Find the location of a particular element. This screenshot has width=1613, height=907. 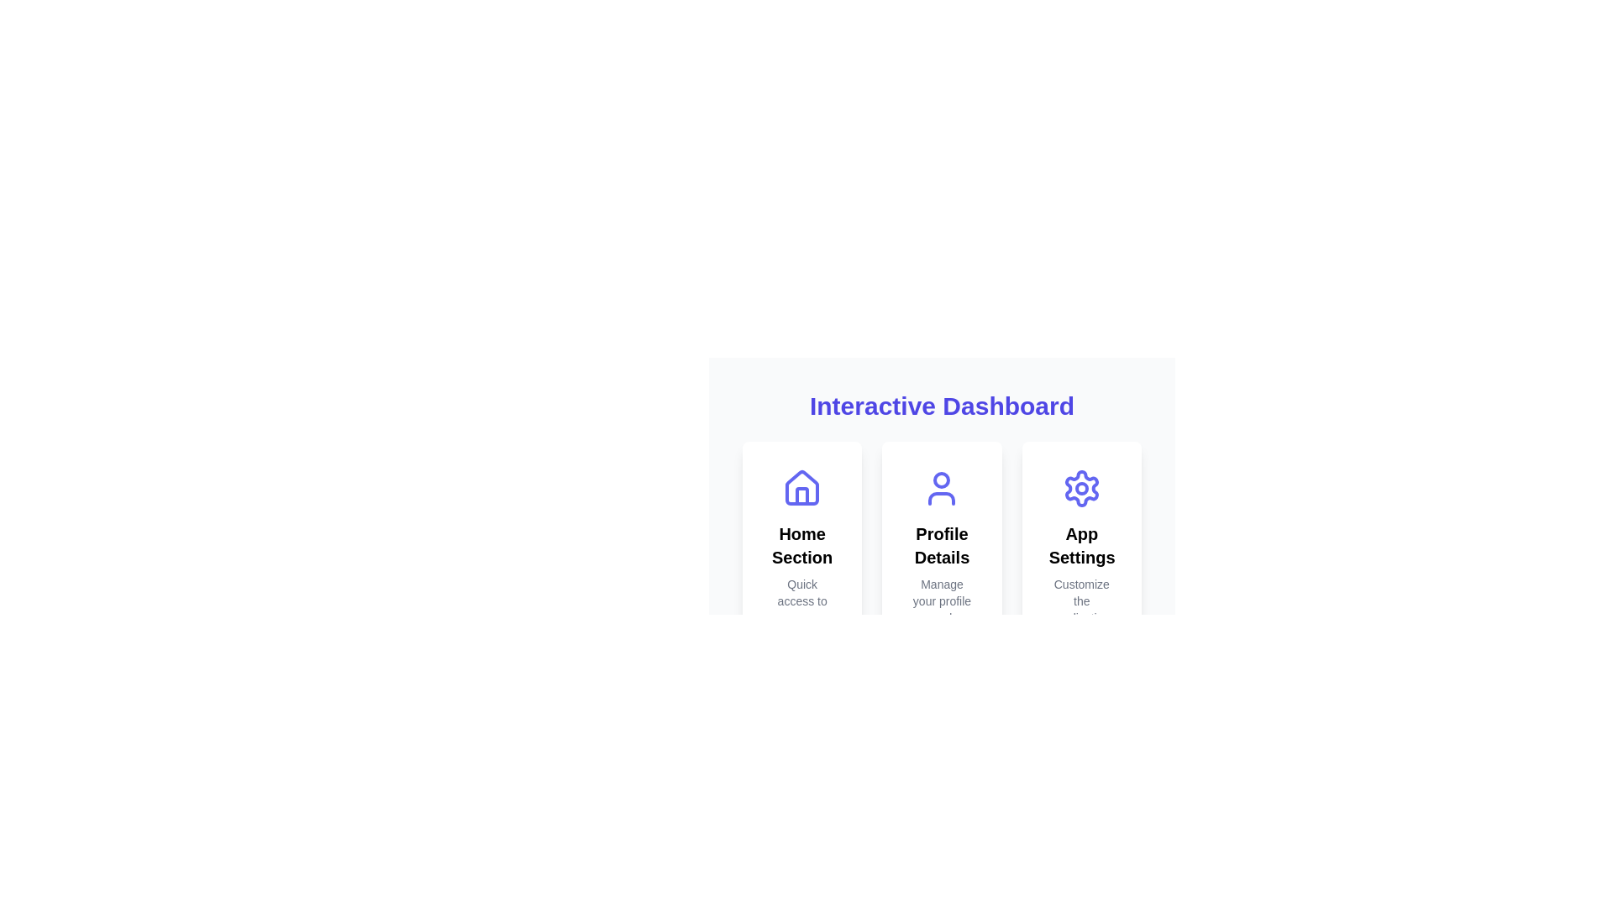

the settings icon located in the bottom-right card of the 'App Settings' section under 'Interactive Dashboard' to initiate the settings functionality is located at coordinates (1081, 489).